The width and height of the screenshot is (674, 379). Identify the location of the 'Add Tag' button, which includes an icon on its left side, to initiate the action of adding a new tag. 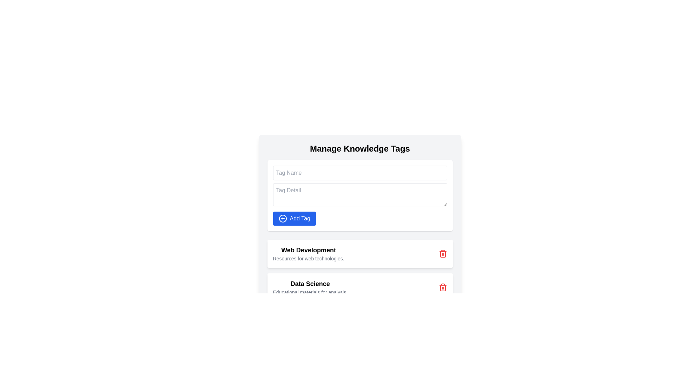
(283, 218).